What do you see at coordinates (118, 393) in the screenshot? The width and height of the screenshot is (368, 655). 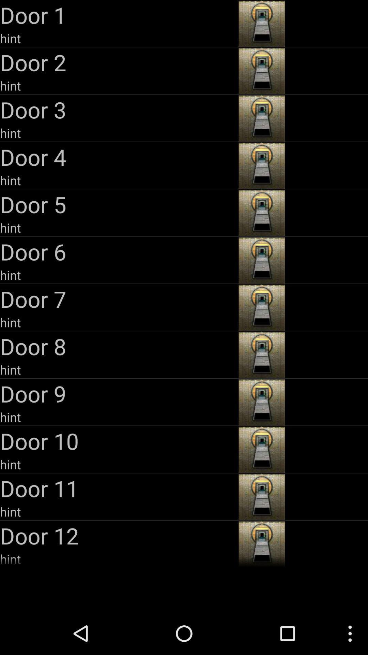 I see `the app above hint item` at bounding box center [118, 393].